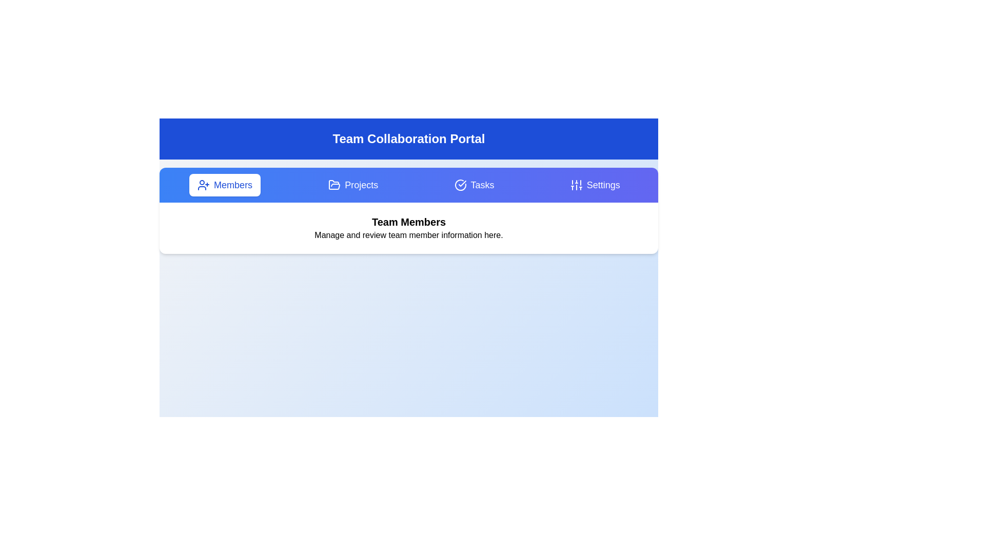  What do you see at coordinates (482, 185) in the screenshot?
I see `the 'Tasks' text label located in the header section of the interface, which is the third item in the horizontal navigation bar, positioned between 'Projects' and 'Settings'` at bounding box center [482, 185].